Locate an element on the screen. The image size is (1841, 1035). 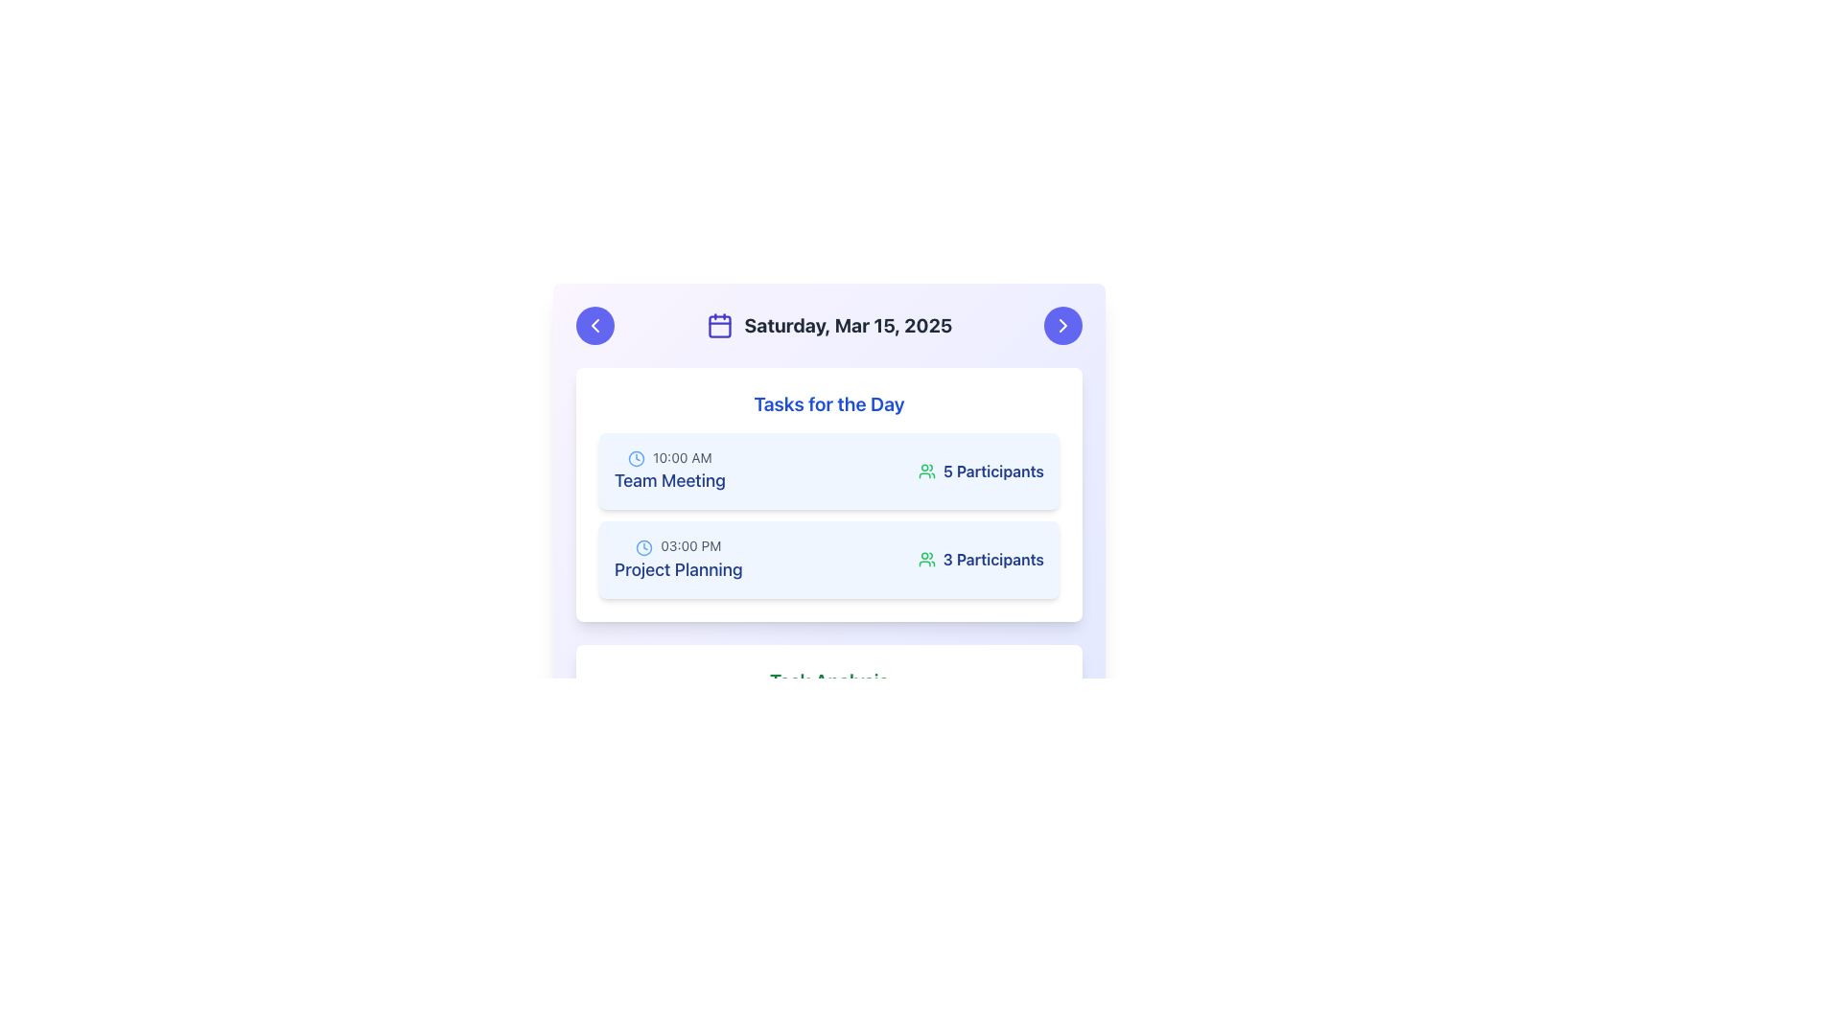
the decorative icon that indicates the context of participants for a meeting, located in the second meeting entry on the agenda is located at coordinates (926, 560).